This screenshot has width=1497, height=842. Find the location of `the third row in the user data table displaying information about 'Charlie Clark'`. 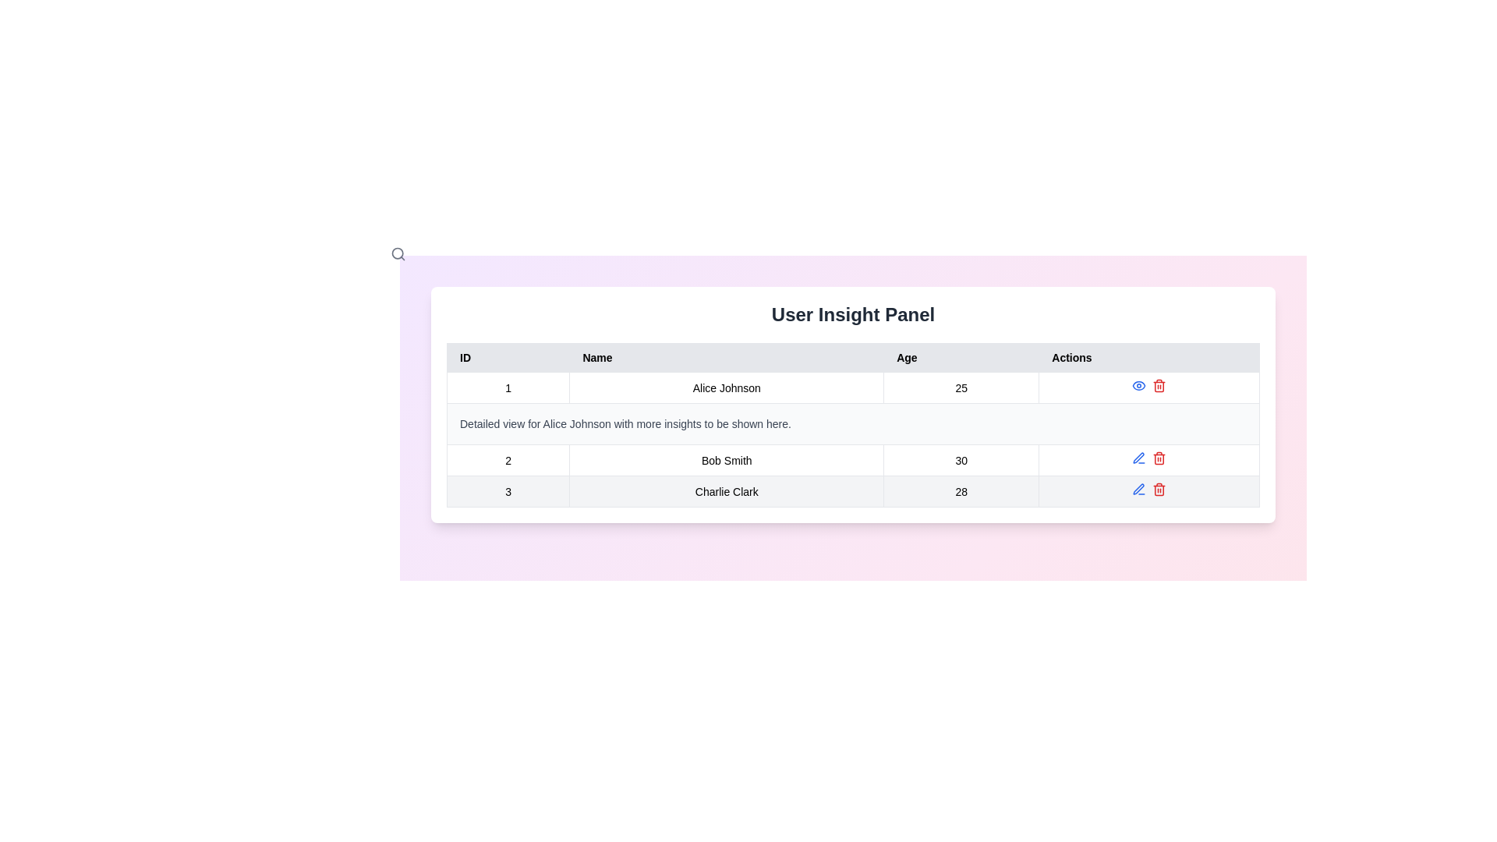

the third row in the user data table displaying information about 'Charlie Clark' is located at coordinates (852, 491).